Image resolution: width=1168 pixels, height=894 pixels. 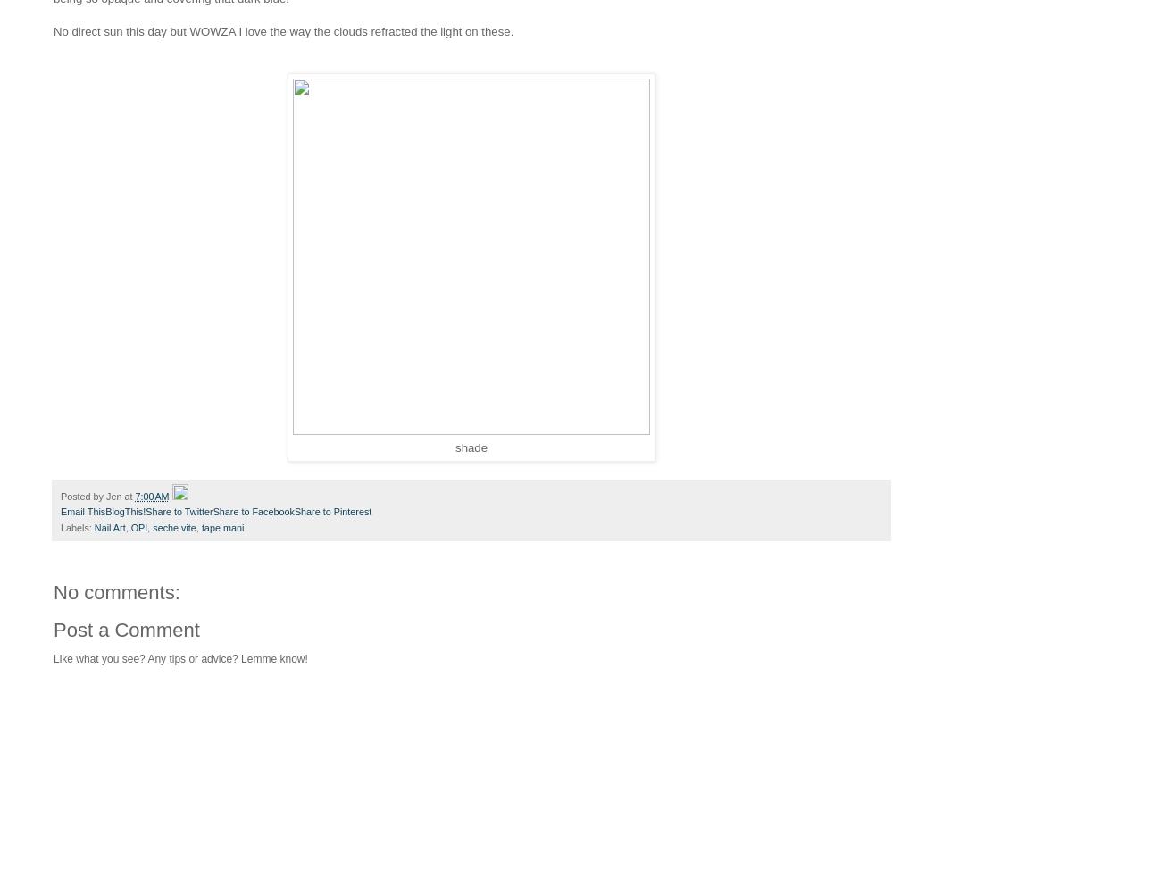 I want to click on 'OPI', so click(x=138, y=526).